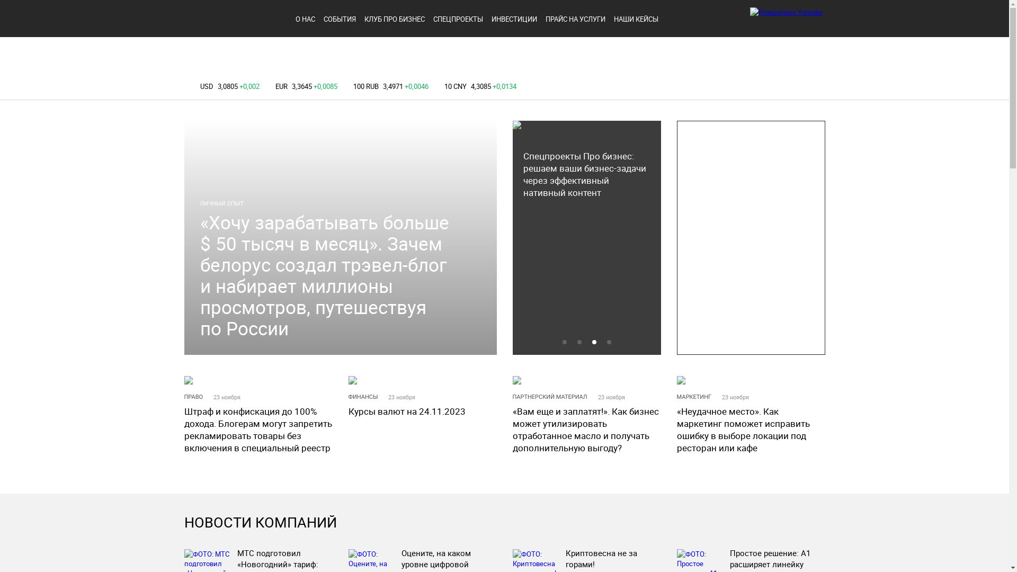 Image resolution: width=1017 pixels, height=572 pixels. What do you see at coordinates (786, 12) in the screenshot?
I see `'Probusiness Youtube'` at bounding box center [786, 12].